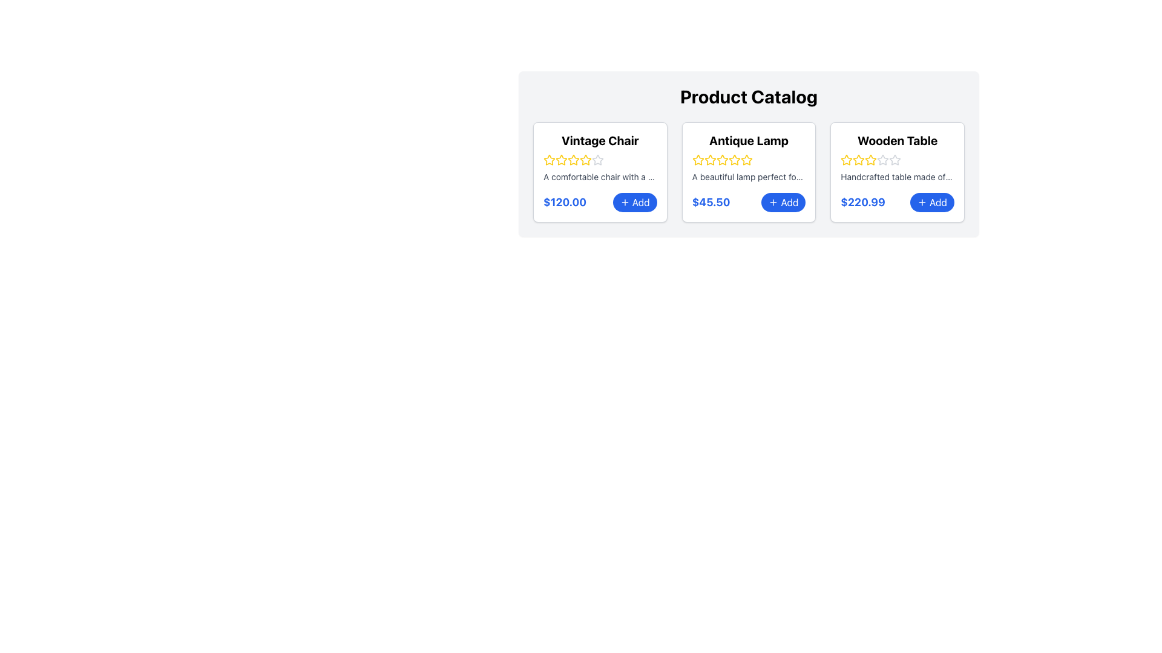 The width and height of the screenshot is (1162, 653). What do you see at coordinates (898, 202) in the screenshot?
I see `the 'Add to Cart' button located at the bottom right corner of the 'Wooden Table' item card, which is the third card in a horizontal arrangement of similar item cards` at bounding box center [898, 202].